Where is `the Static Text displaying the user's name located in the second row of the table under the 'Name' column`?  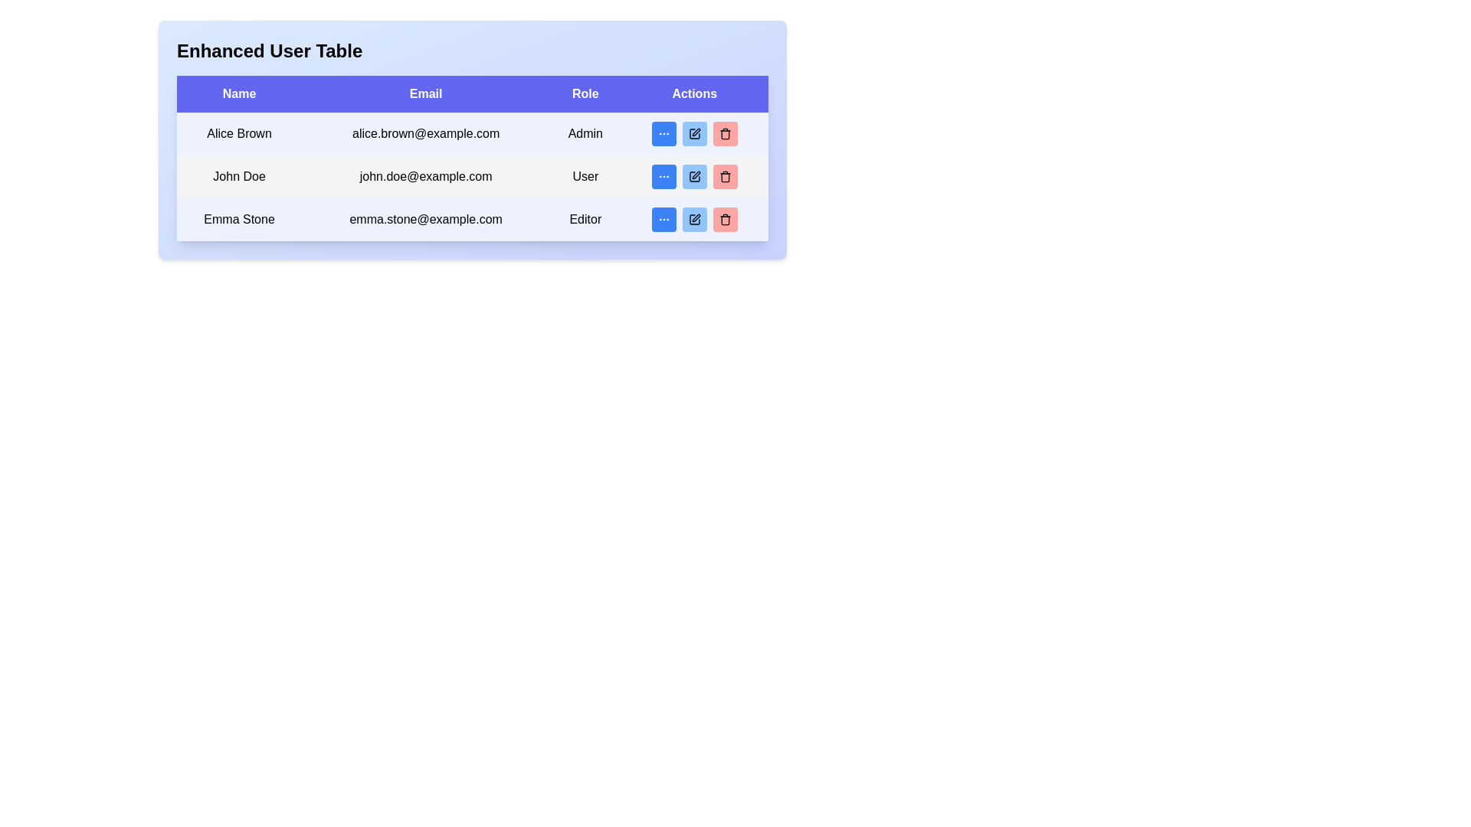 the Static Text displaying the user's name located in the second row of the table under the 'Name' column is located at coordinates (238, 176).